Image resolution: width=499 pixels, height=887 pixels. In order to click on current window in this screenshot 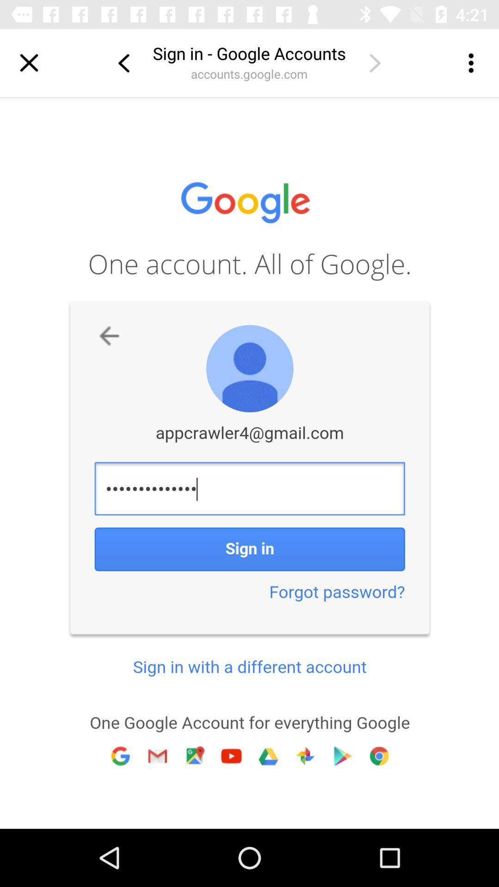, I will do `click(28, 62)`.